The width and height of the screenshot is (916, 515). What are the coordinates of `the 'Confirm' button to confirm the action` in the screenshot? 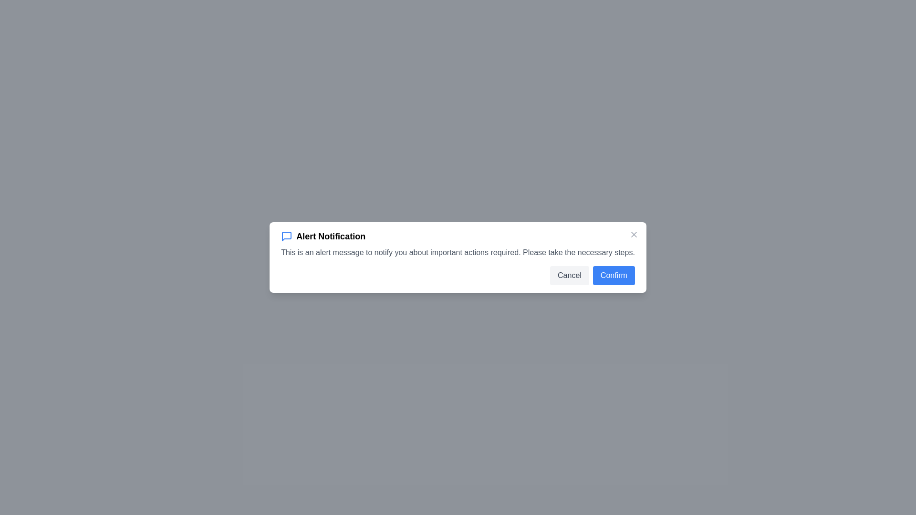 It's located at (614, 276).